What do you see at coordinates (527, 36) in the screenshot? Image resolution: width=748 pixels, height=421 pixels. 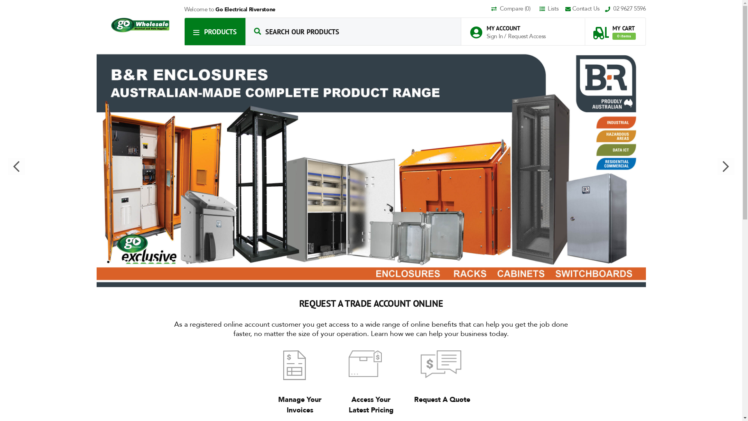 I see `'Request Access'` at bounding box center [527, 36].